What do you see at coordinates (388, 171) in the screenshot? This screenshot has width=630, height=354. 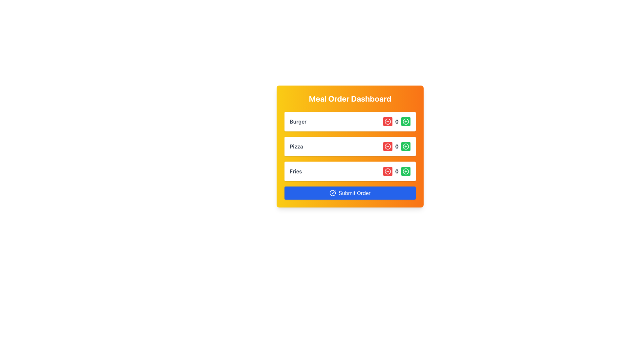 I see `the circular icon located on the left side of the button group for the 'Fries' option in the meal order dashboard` at bounding box center [388, 171].